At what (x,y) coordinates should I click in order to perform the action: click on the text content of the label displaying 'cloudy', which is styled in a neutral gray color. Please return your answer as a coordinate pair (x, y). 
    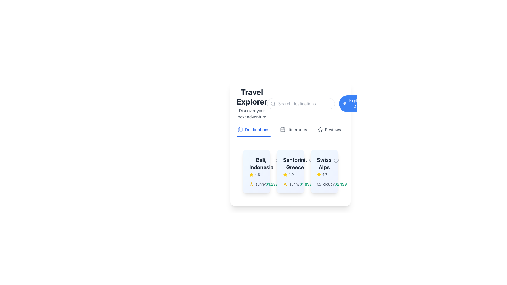
    Looking at the image, I should click on (328, 184).